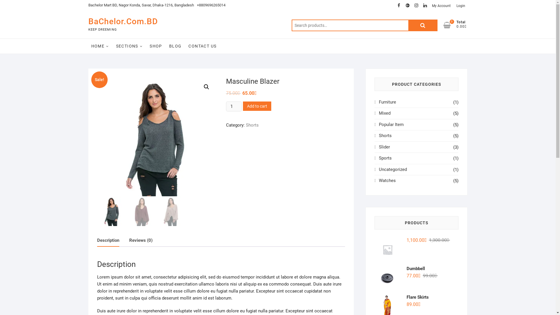  I want to click on 'Reviews (0)', so click(140, 240).